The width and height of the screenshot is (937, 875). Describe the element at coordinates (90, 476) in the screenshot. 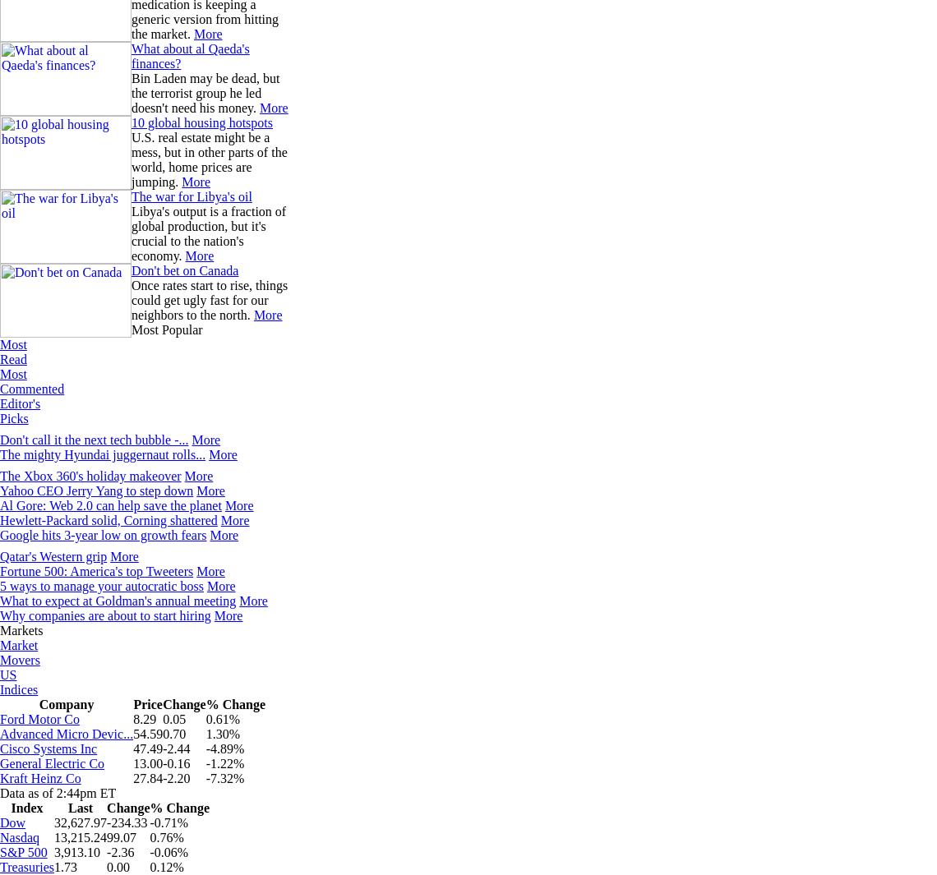

I see `'The Xbox 360's holiday makeover'` at that location.